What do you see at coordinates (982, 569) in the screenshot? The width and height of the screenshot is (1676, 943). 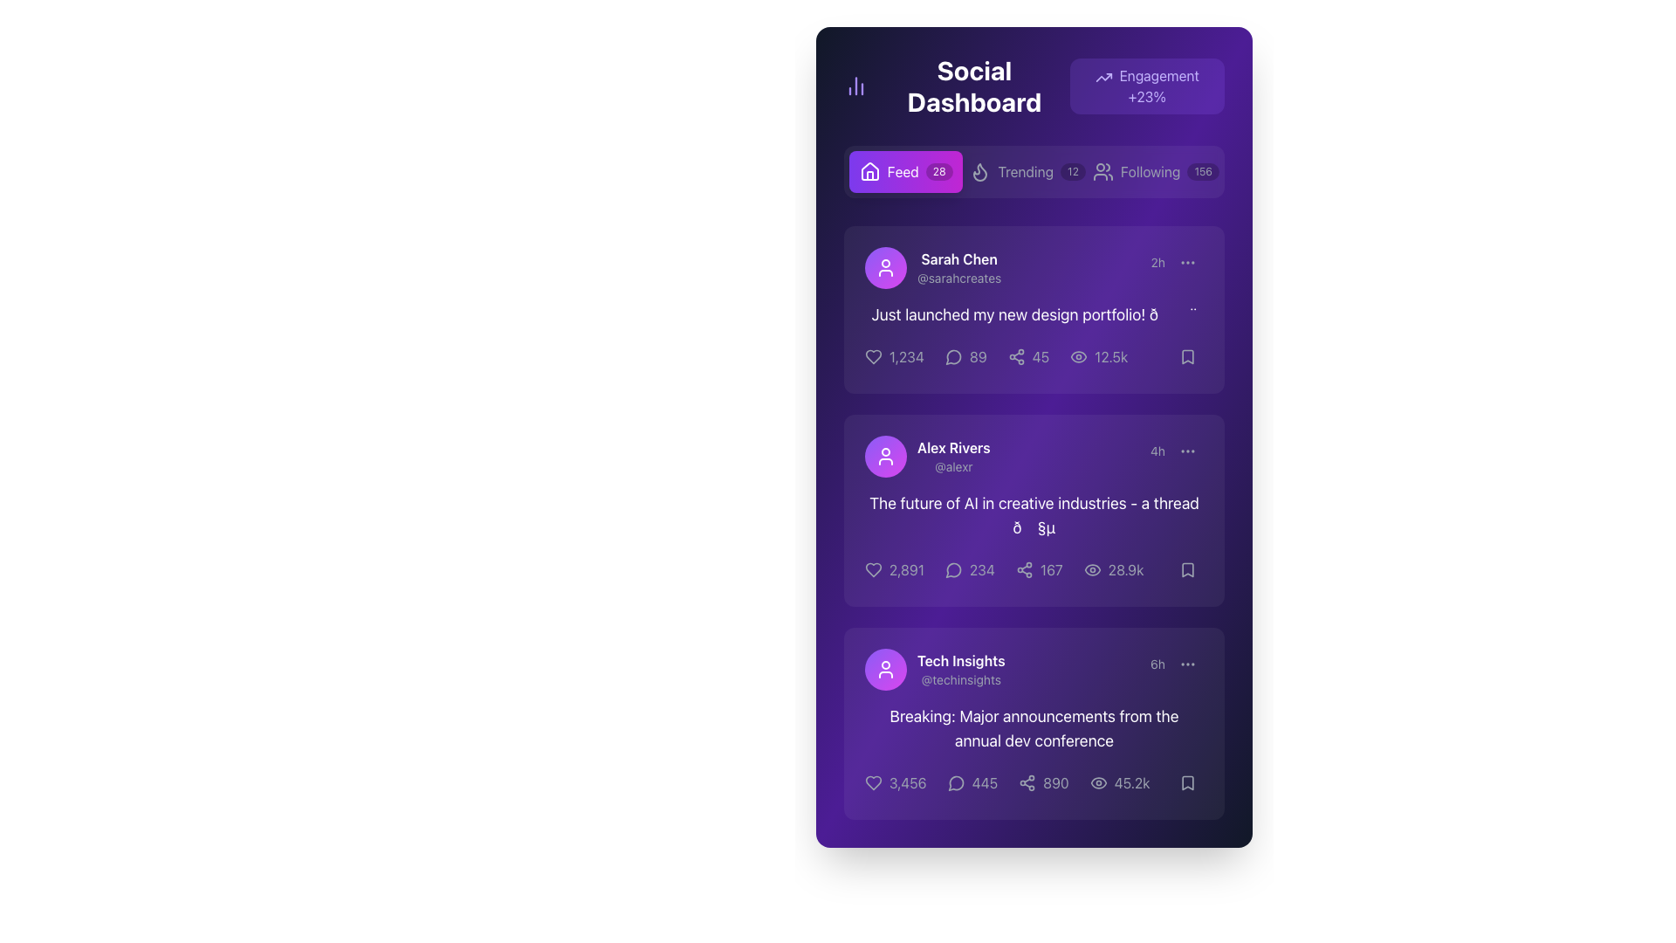 I see `the numeric text label displaying '234' in a light-colored sans-serif font on a purple background, located in the second post card of a vertical list of posts, to the right of the speech bubble icon` at bounding box center [982, 569].